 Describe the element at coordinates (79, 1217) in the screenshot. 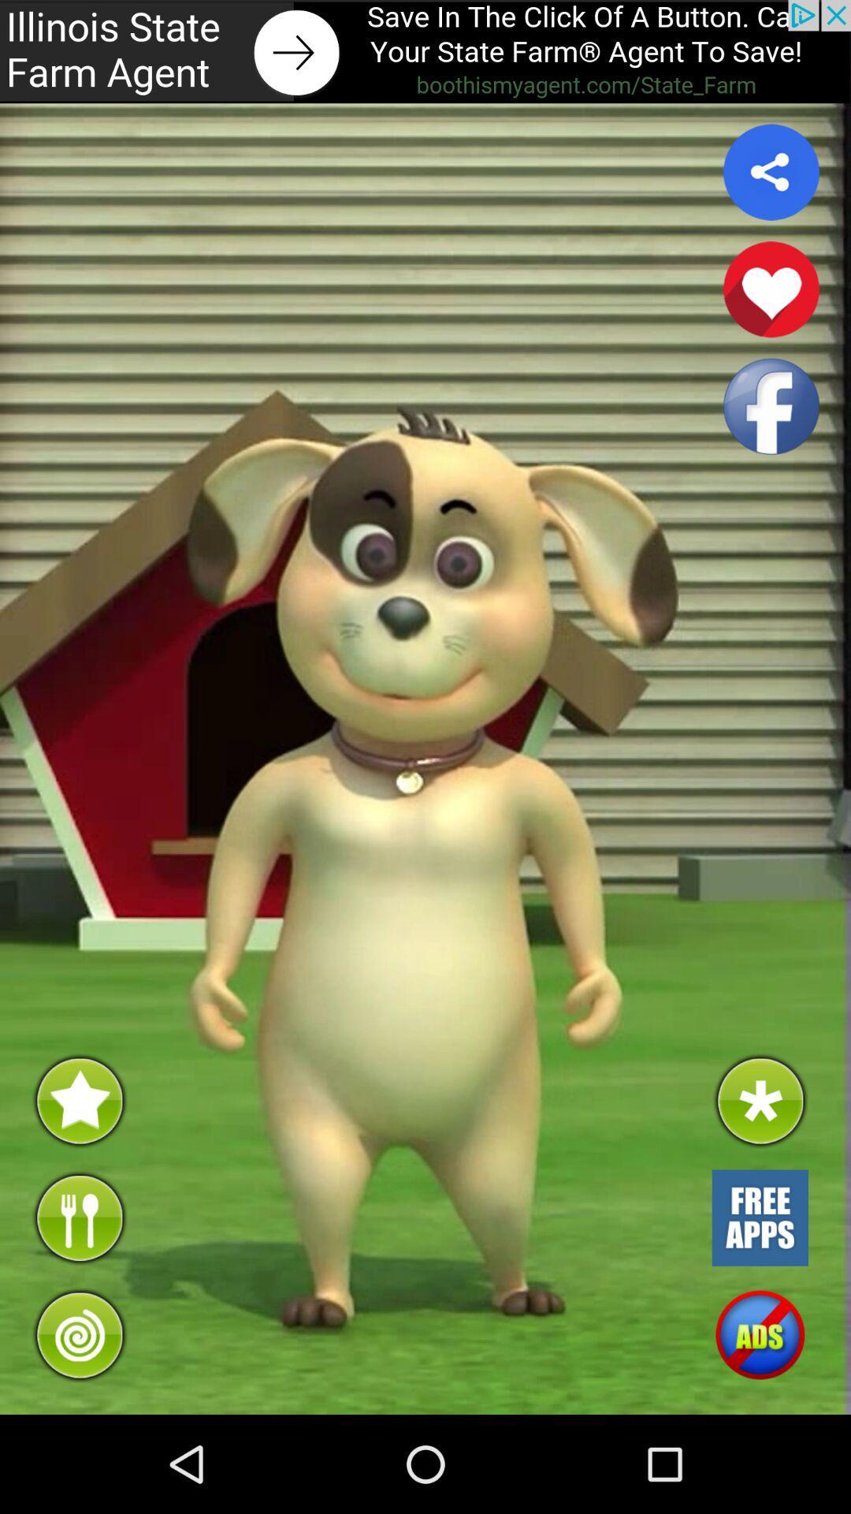

I see `feed the dog` at that location.